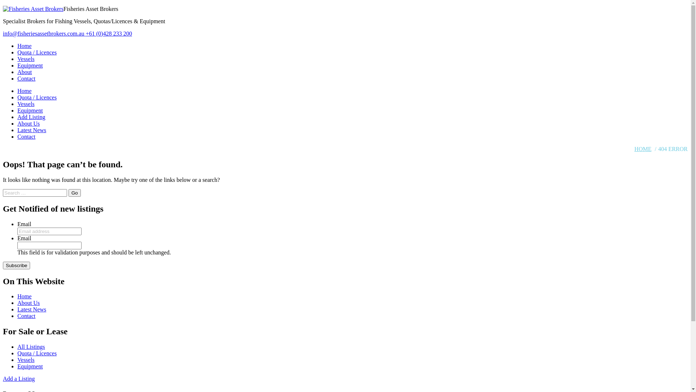  What do you see at coordinates (17, 46) in the screenshot?
I see `'Home'` at bounding box center [17, 46].